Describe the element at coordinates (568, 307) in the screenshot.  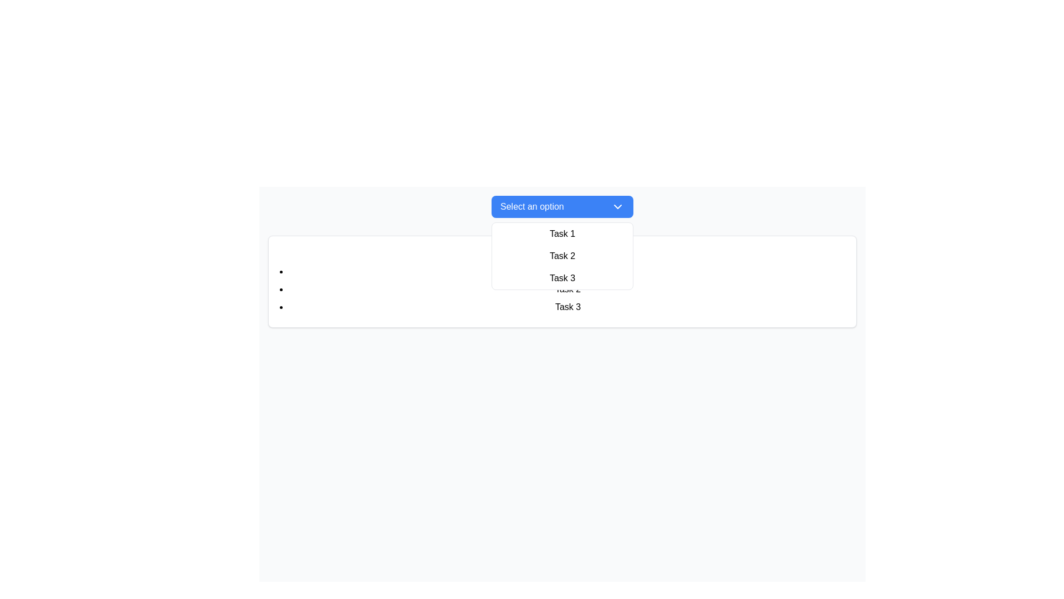
I see `the text label displaying 'Task 3', which is the last item in the bulleted list, positioned below 'Task 2'` at that location.